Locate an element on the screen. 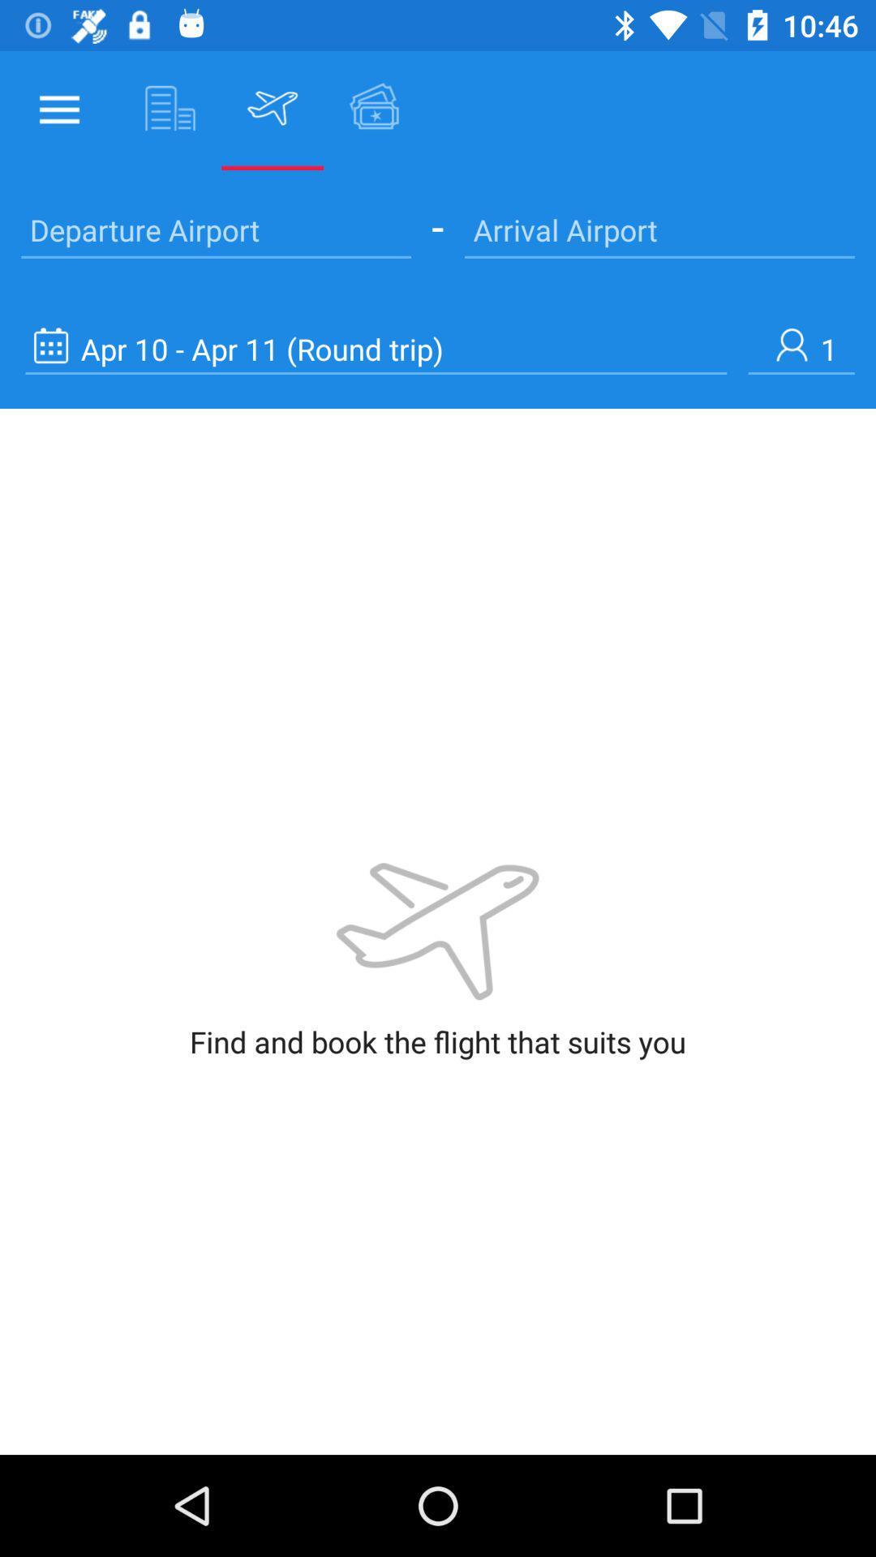  the image which is at center of the page is located at coordinates (438, 931).